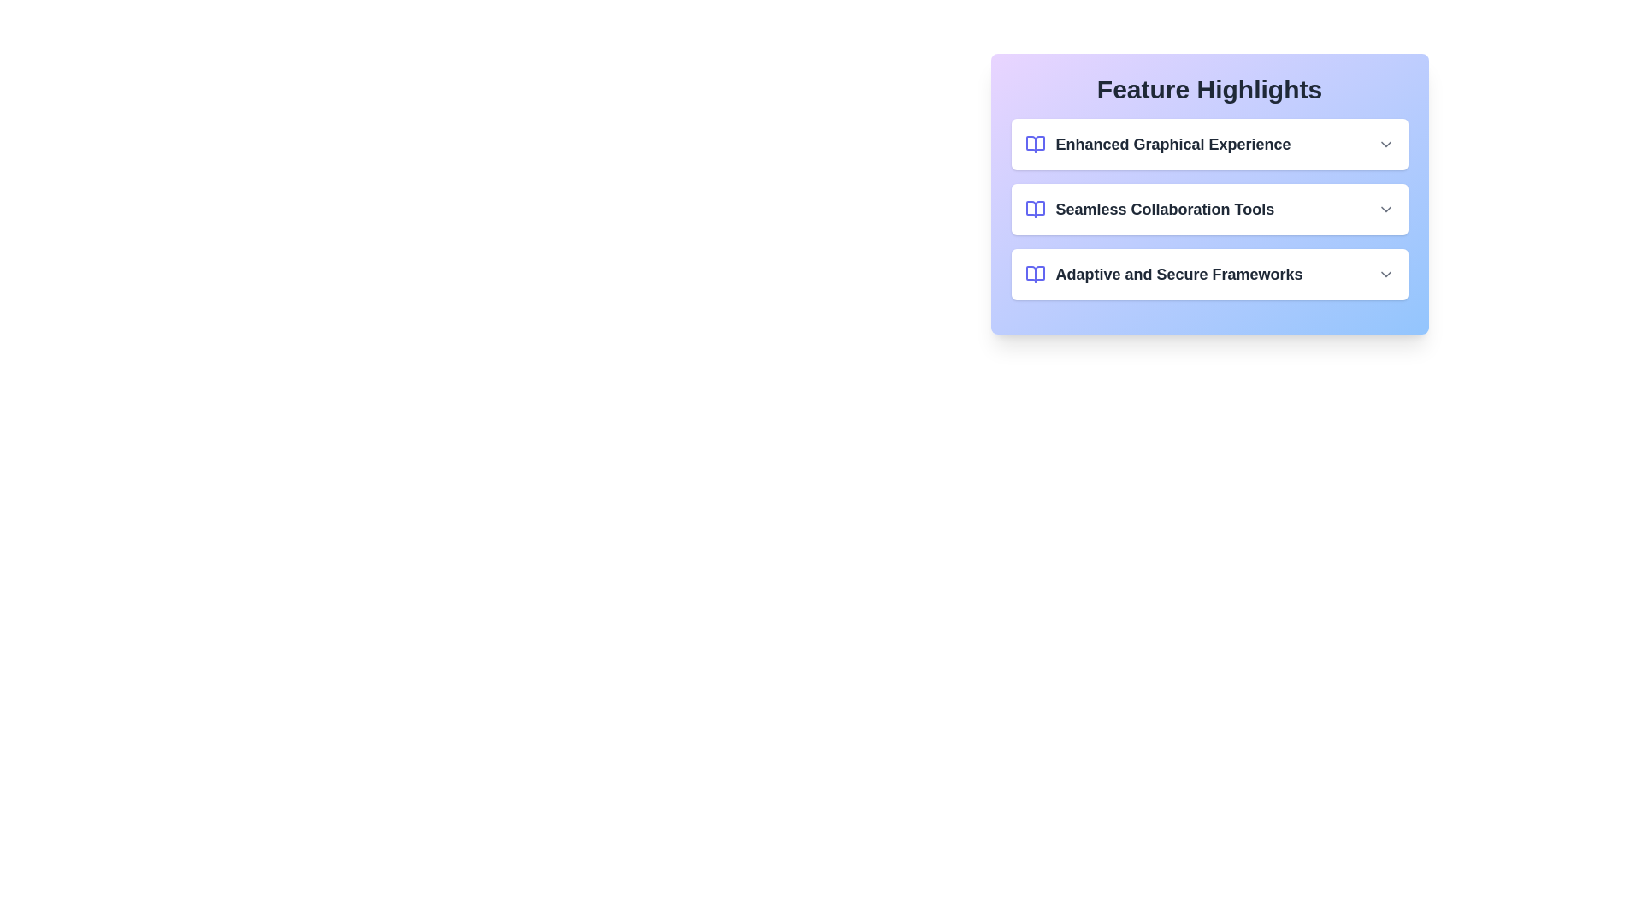 Image resolution: width=1642 pixels, height=924 pixels. Describe the element at coordinates (1034, 209) in the screenshot. I see `the collaboration tools icon located in the middle entry of the 'Feature Highlights' vertical list, to the left of the text 'Seamless Collaboration Tools'` at that location.